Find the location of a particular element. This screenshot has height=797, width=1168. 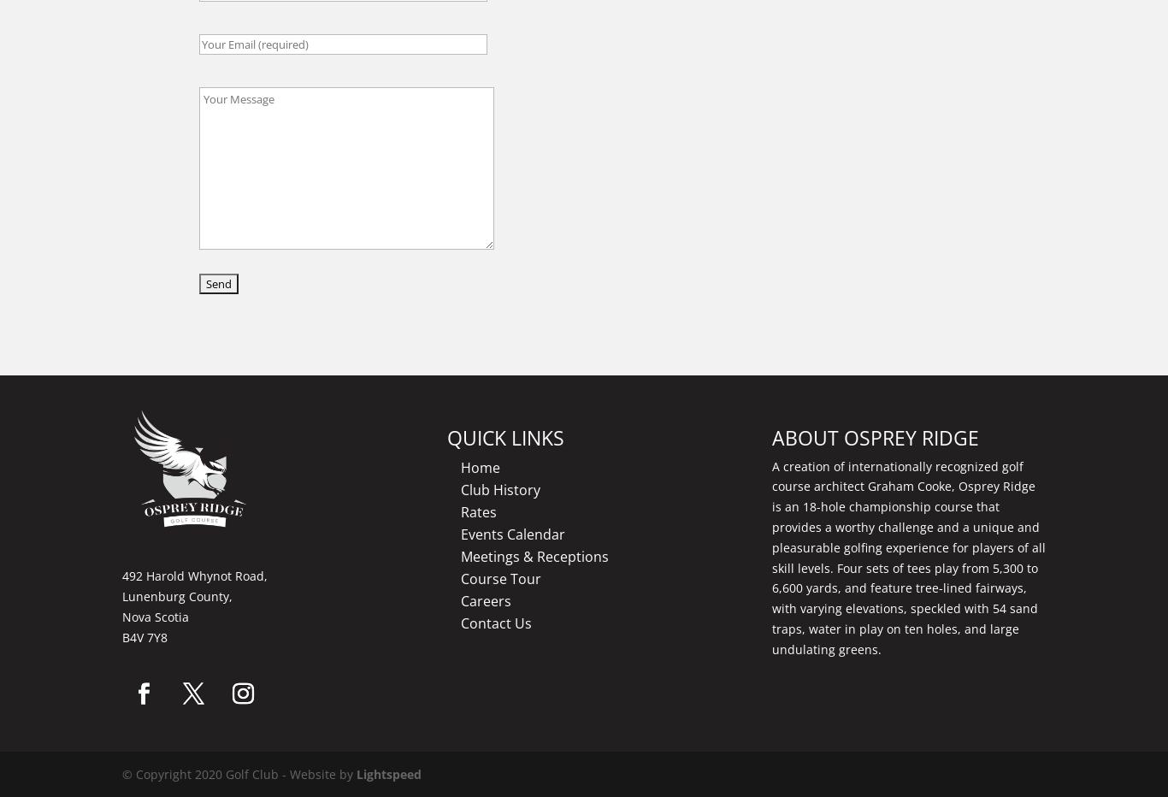

'Meetings & Receptions' is located at coordinates (460, 555).